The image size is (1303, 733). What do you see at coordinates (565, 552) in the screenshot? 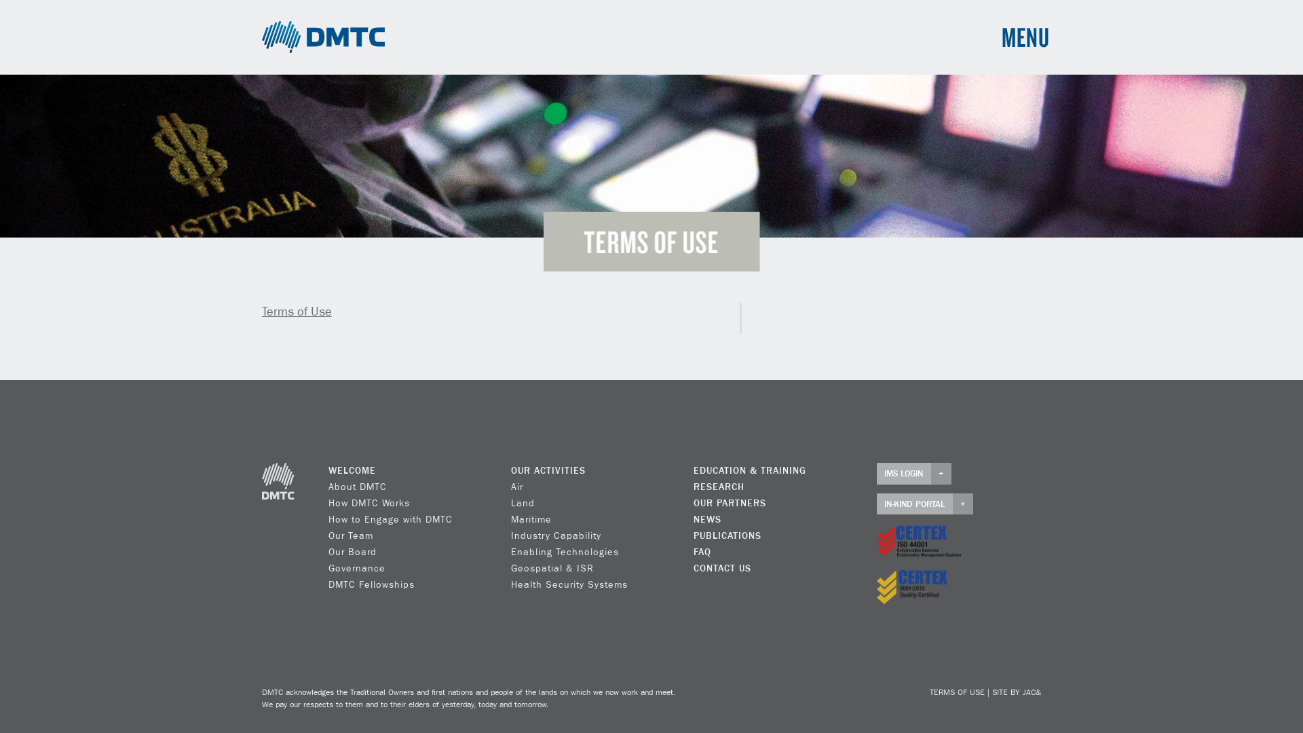
I see `'Enabling Technologies'` at bounding box center [565, 552].